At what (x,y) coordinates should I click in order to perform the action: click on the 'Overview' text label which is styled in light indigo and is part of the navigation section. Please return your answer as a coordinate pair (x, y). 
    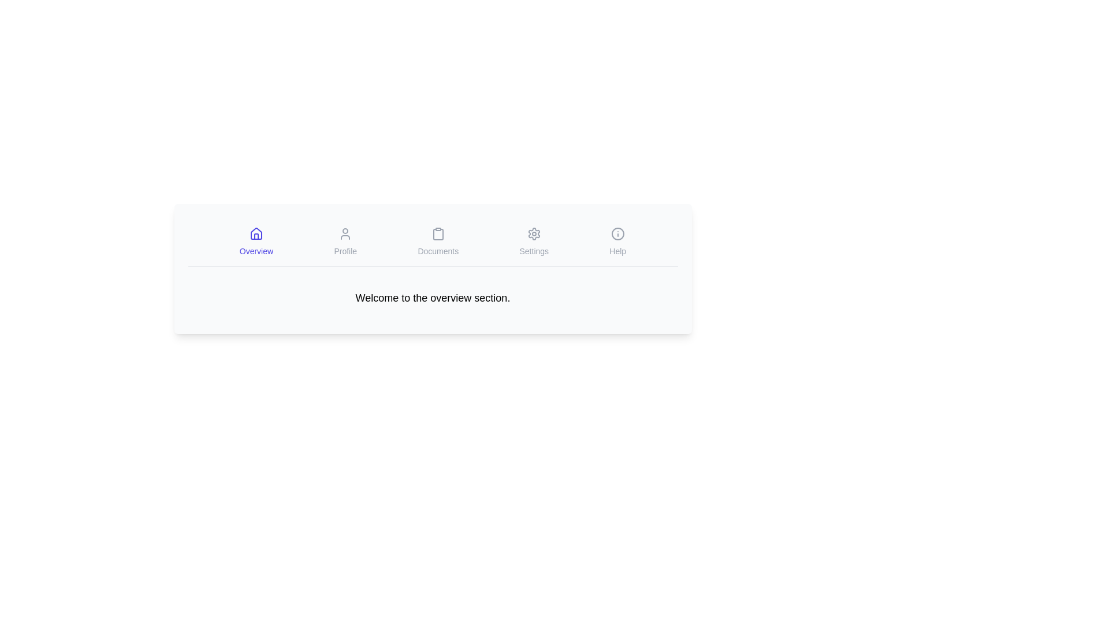
    Looking at the image, I should click on (255, 251).